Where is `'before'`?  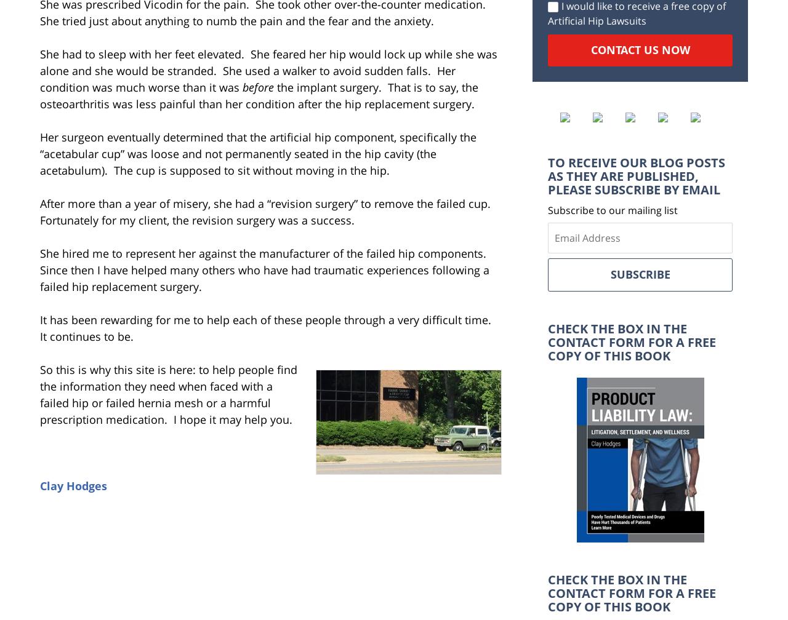 'before' is located at coordinates (257, 87).